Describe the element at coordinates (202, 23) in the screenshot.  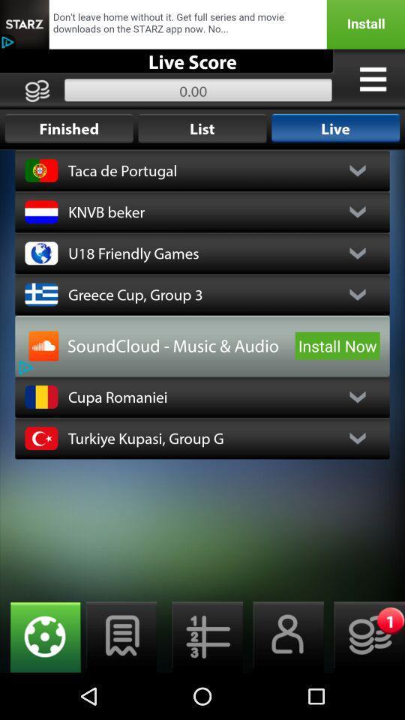
I see `share the article` at that location.